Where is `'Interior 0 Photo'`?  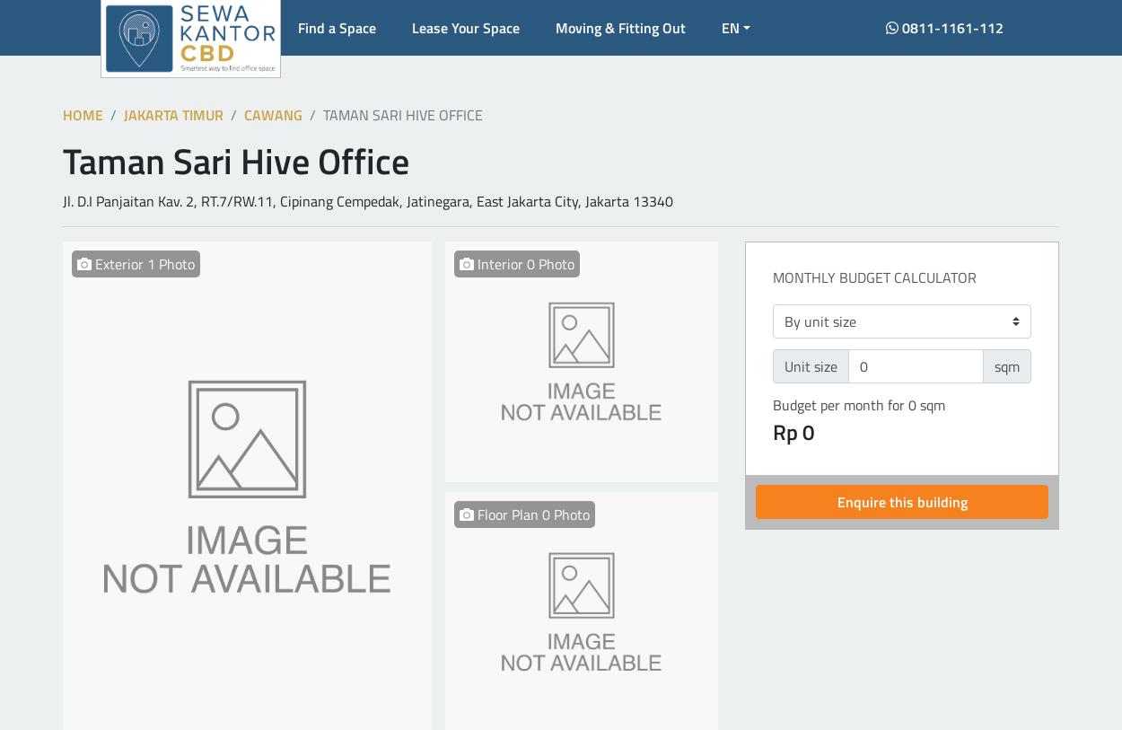 'Interior 0 Photo' is located at coordinates (522, 262).